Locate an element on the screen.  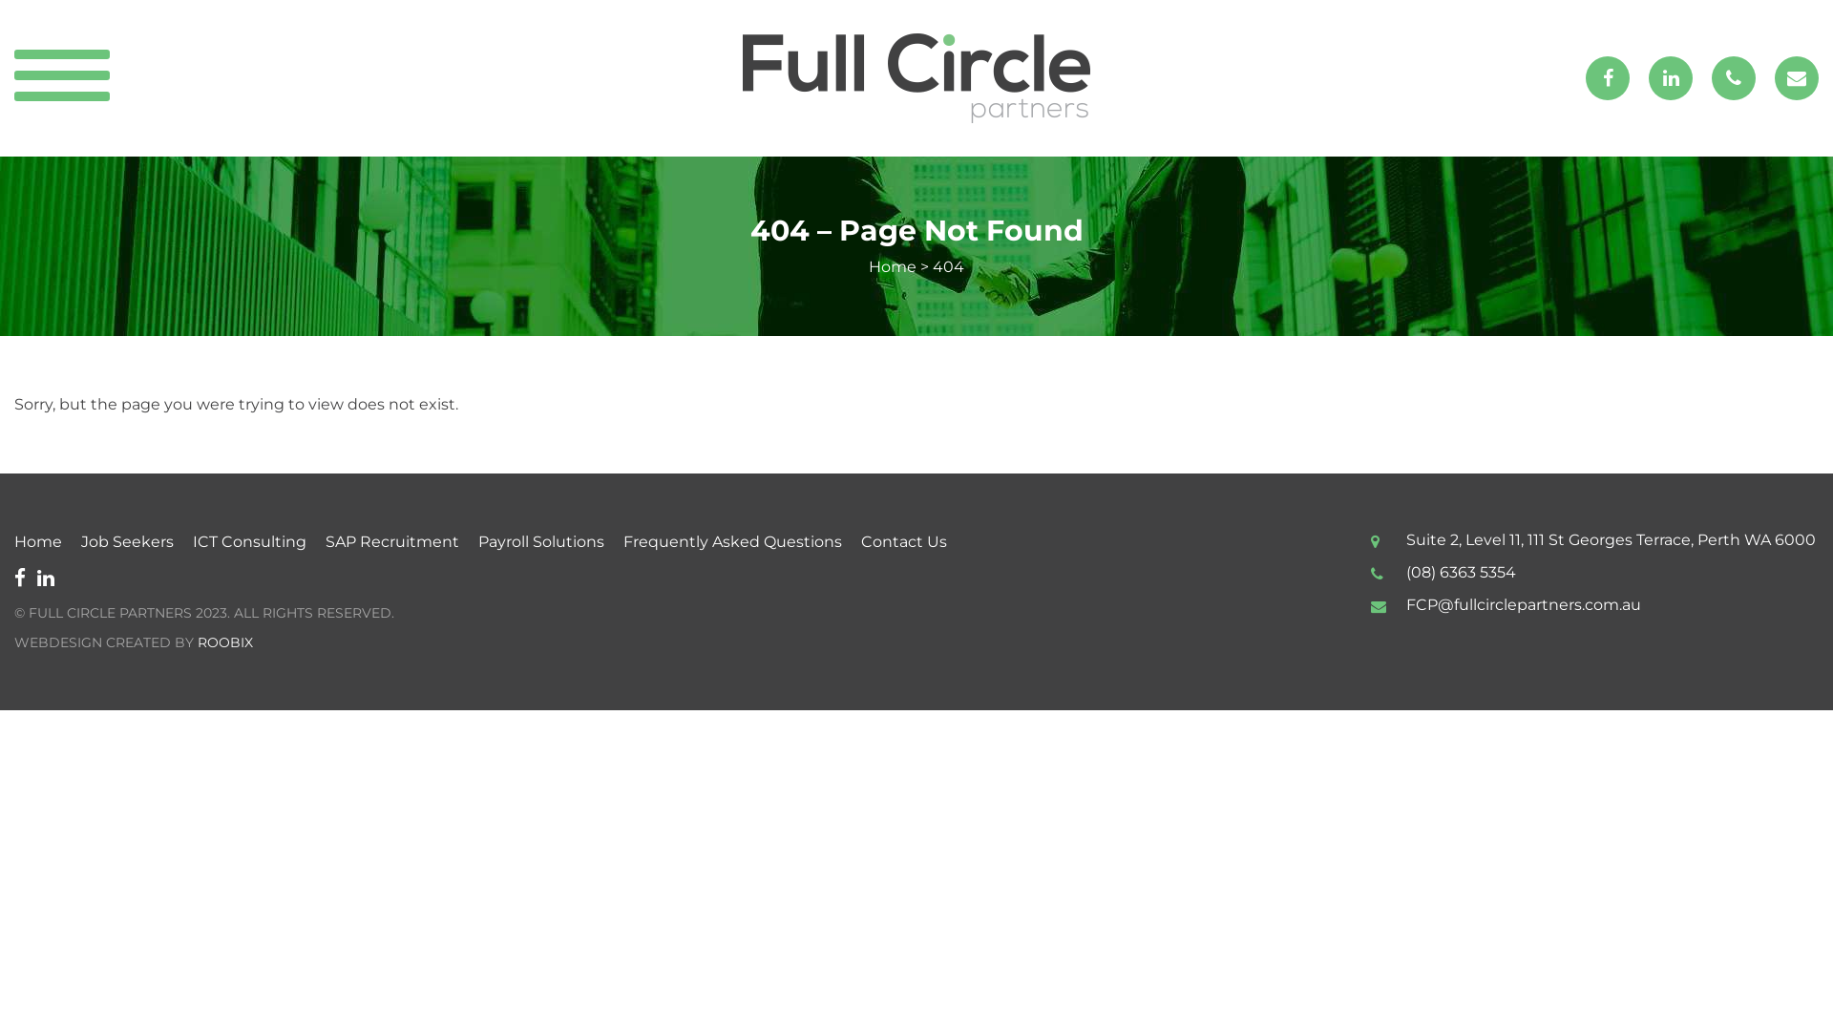
'Home' is located at coordinates (892, 266).